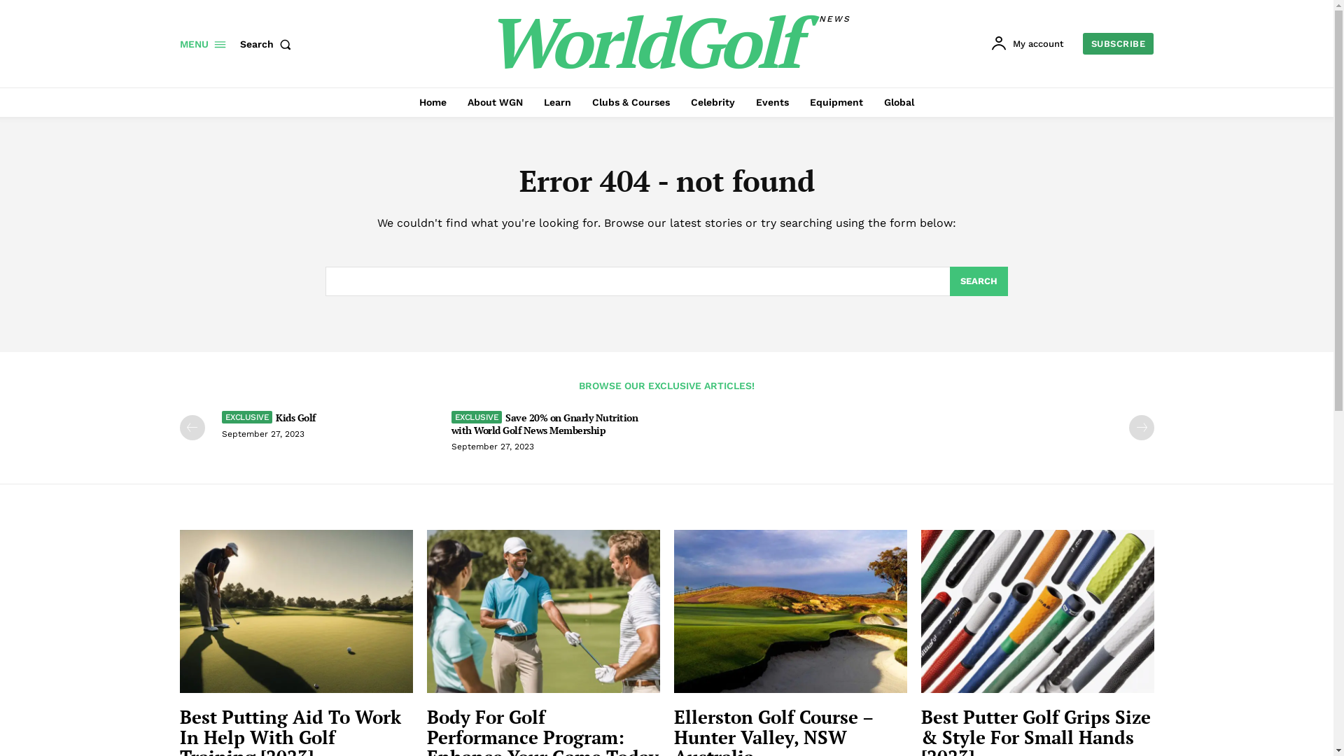  Describe the element at coordinates (630, 101) in the screenshot. I see `'Clubs & Courses'` at that location.